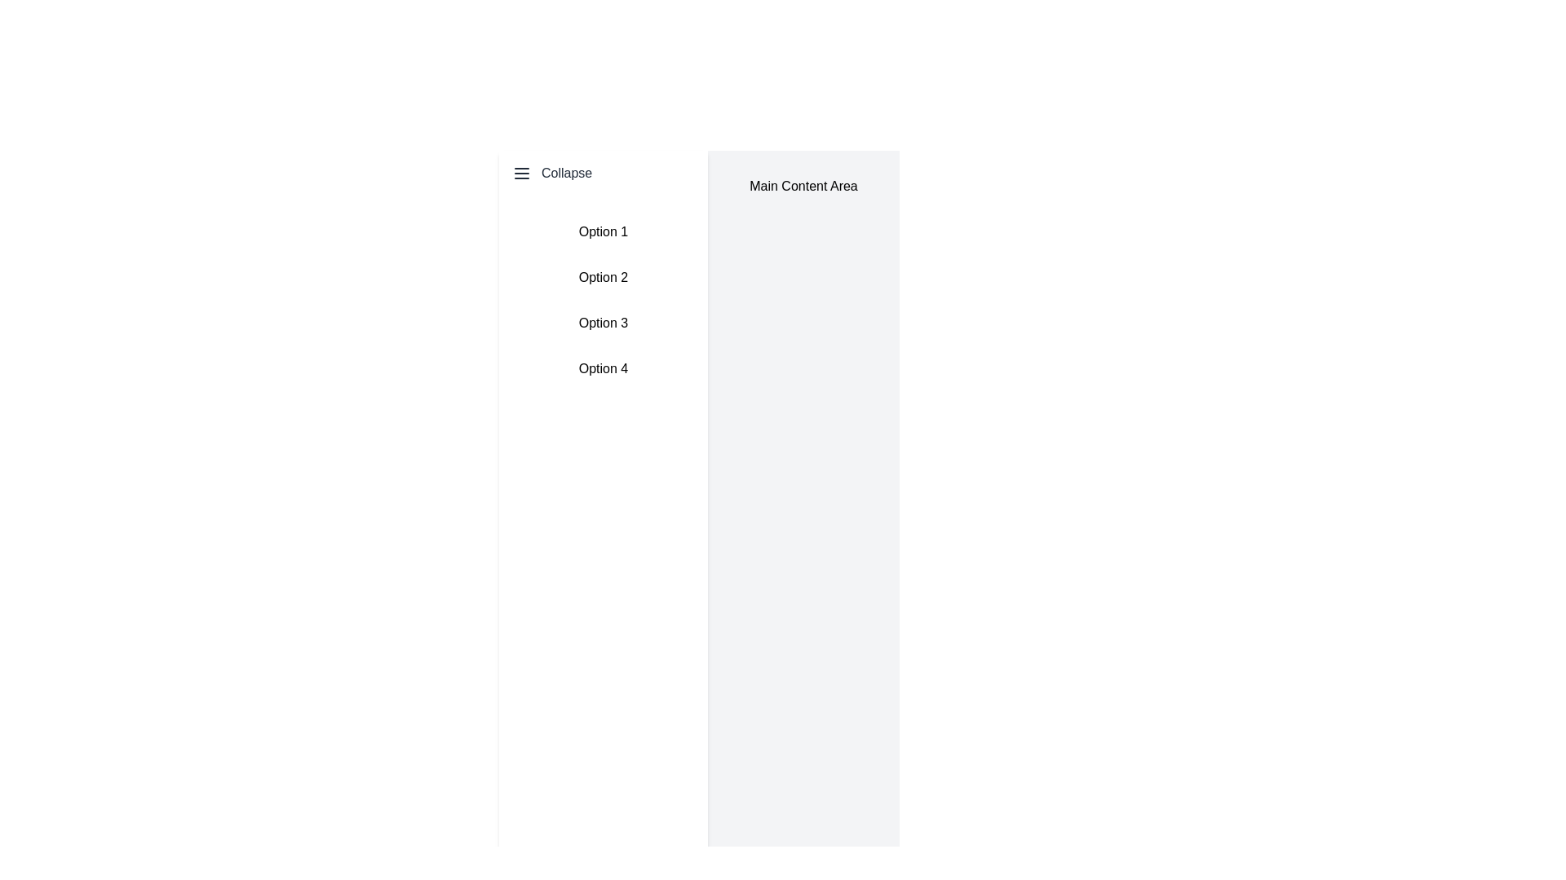  What do you see at coordinates (567, 173) in the screenshot?
I see `the 'Collapse' text label located next to the menu icon on the left navigation bar` at bounding box center [567, 173].